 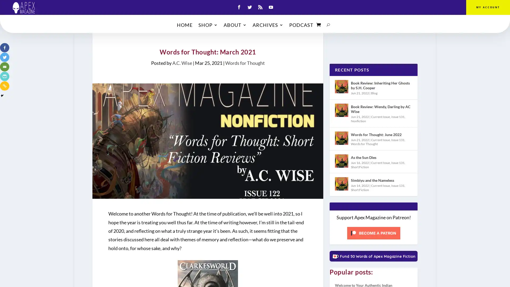 What do you see at coordinates (255, 164) in the screenshot?
I see `Subscribe Now` at bounding box center [255, 164].